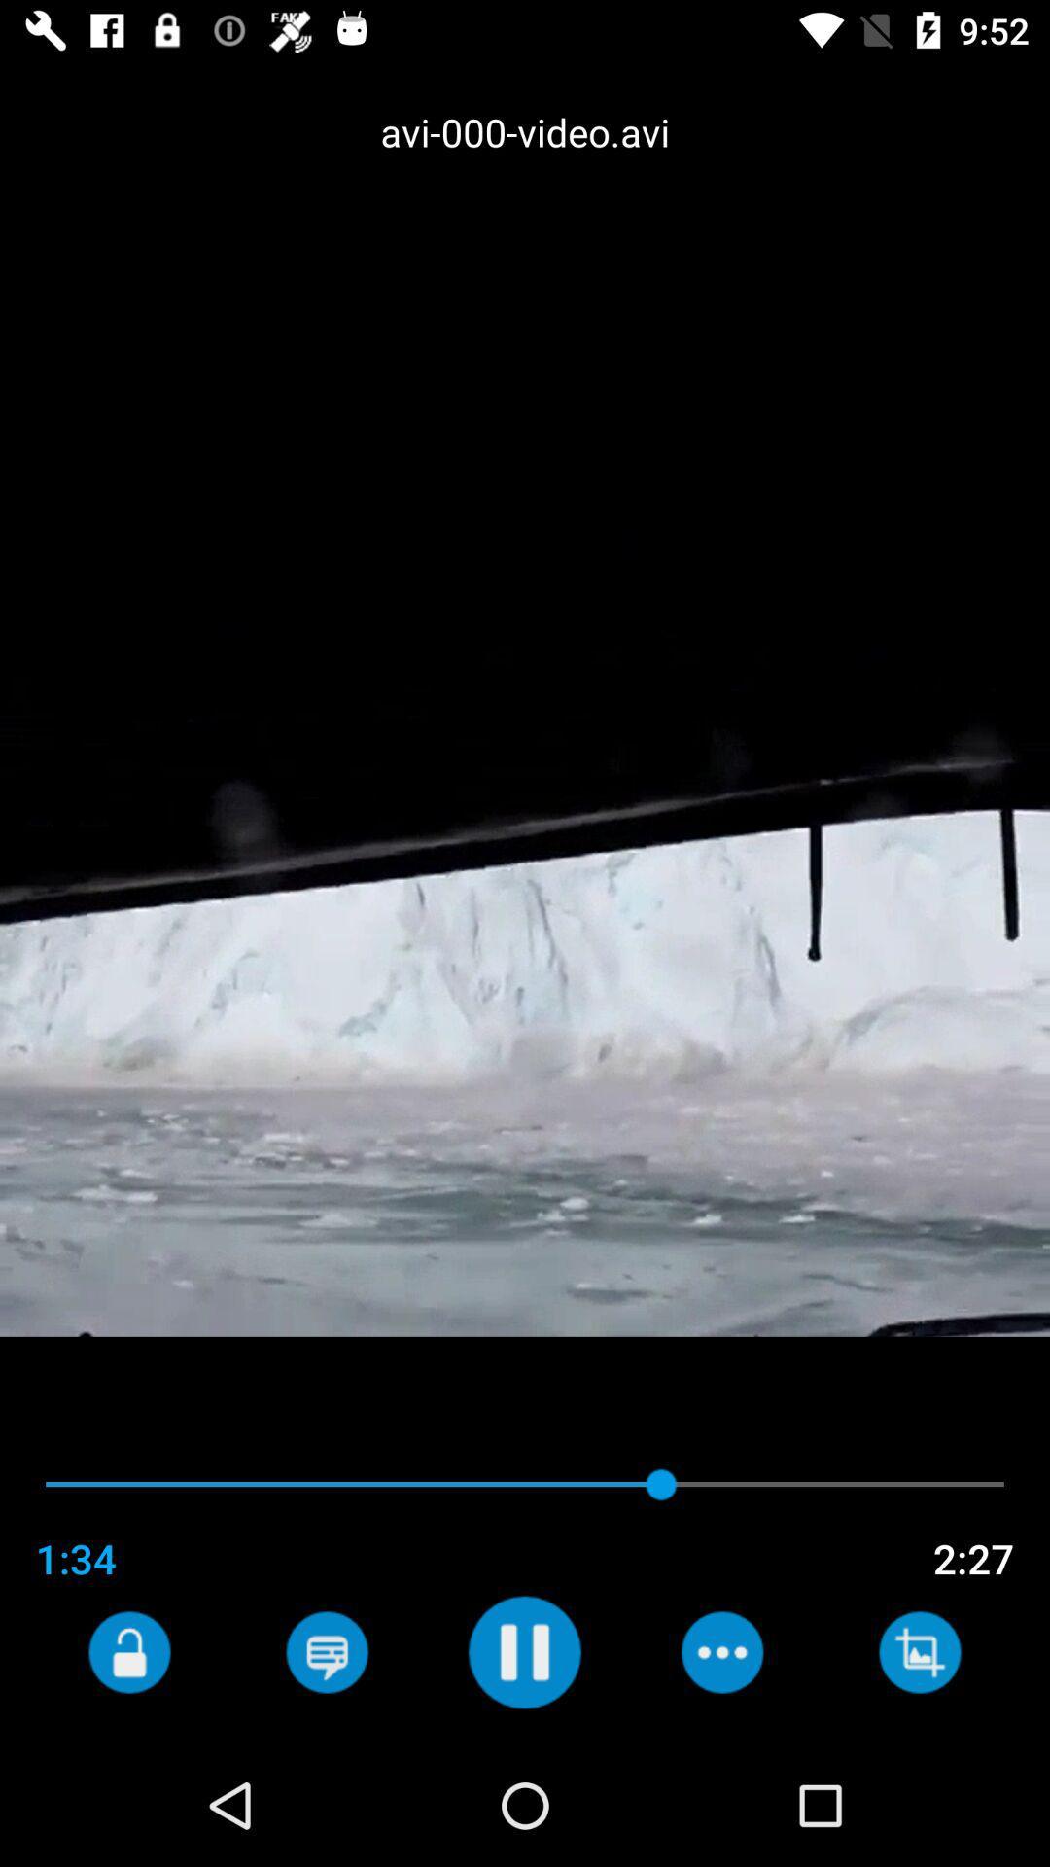  What do you see at coordinates (326, 1651) in the screenshot?
I see `text to video` at bounding box center [326, 1651].